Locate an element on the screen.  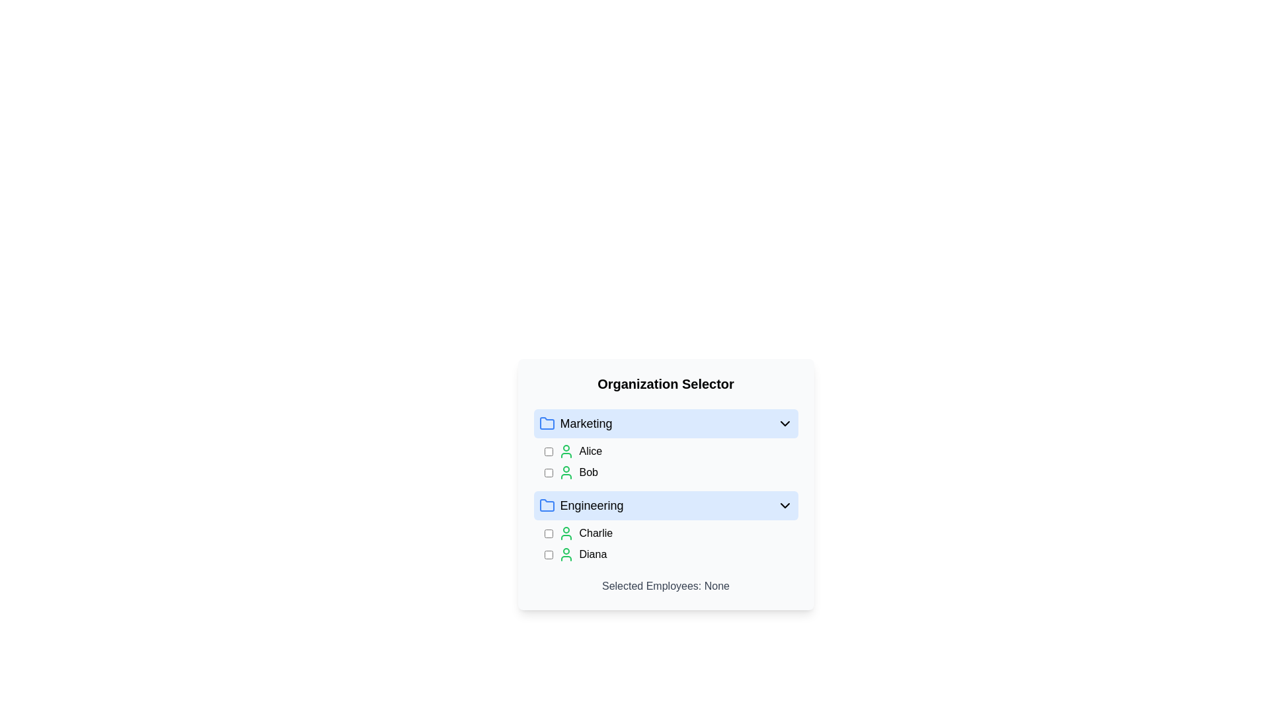
the SVG folder icon with a blue outline, which is located to the left of the text 'Marketing' in the horizontal layout, just below the title 'Organization Selector' is located at coordinates (547, 423).